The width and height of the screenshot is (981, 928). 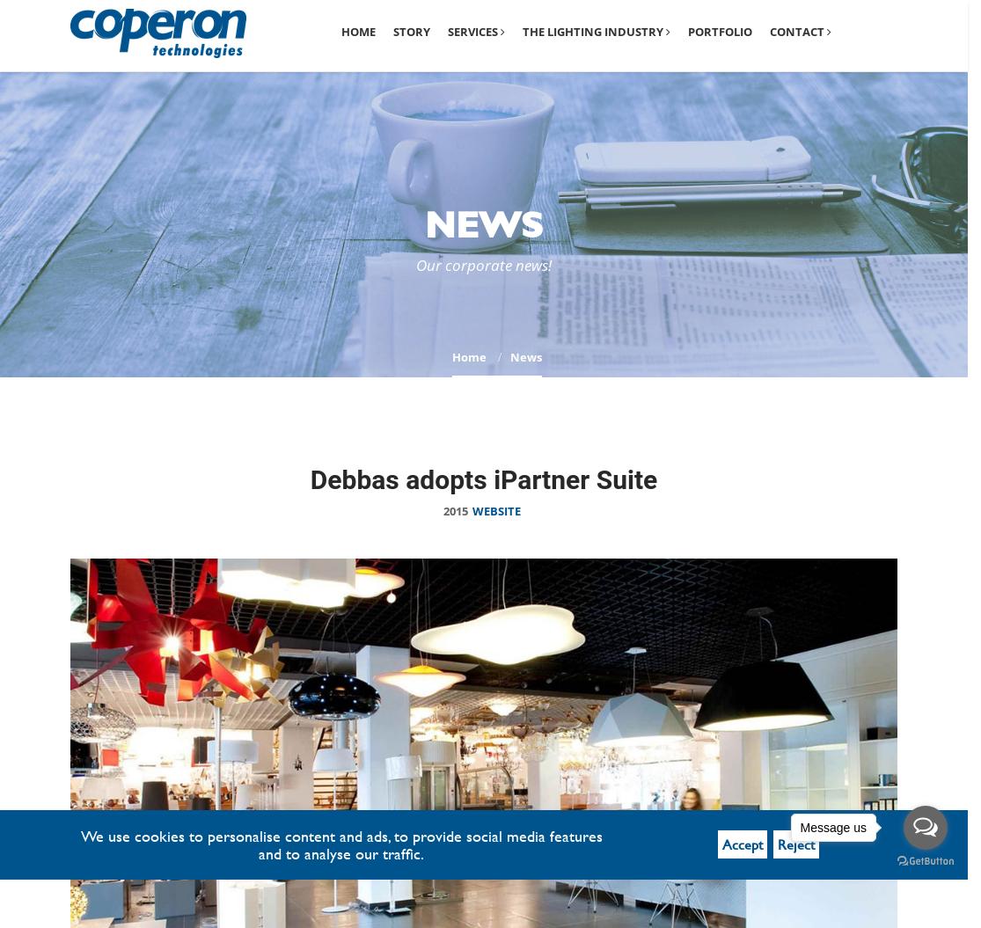 I want to click on 'Home', so click(x=357, y=31).